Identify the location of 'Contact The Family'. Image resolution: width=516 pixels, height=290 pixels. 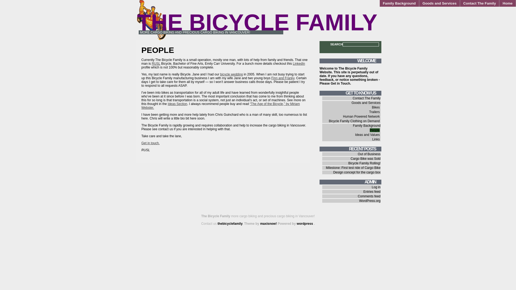
(366, 98).